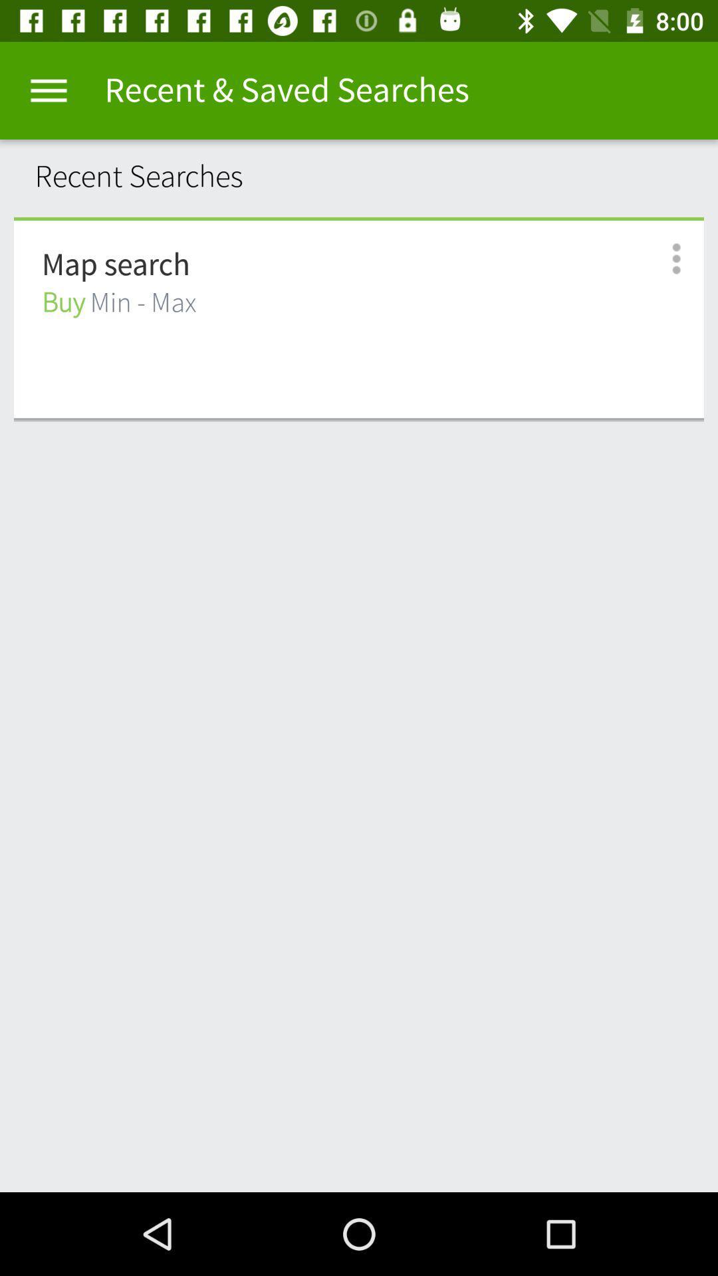 Image resolution: width=718 pixels, height=1276 pixels. What do you see at coordinates (661, 259) in the screenshot?
I see `icon next to the buy min - max item` at bounding box center [661, 259].